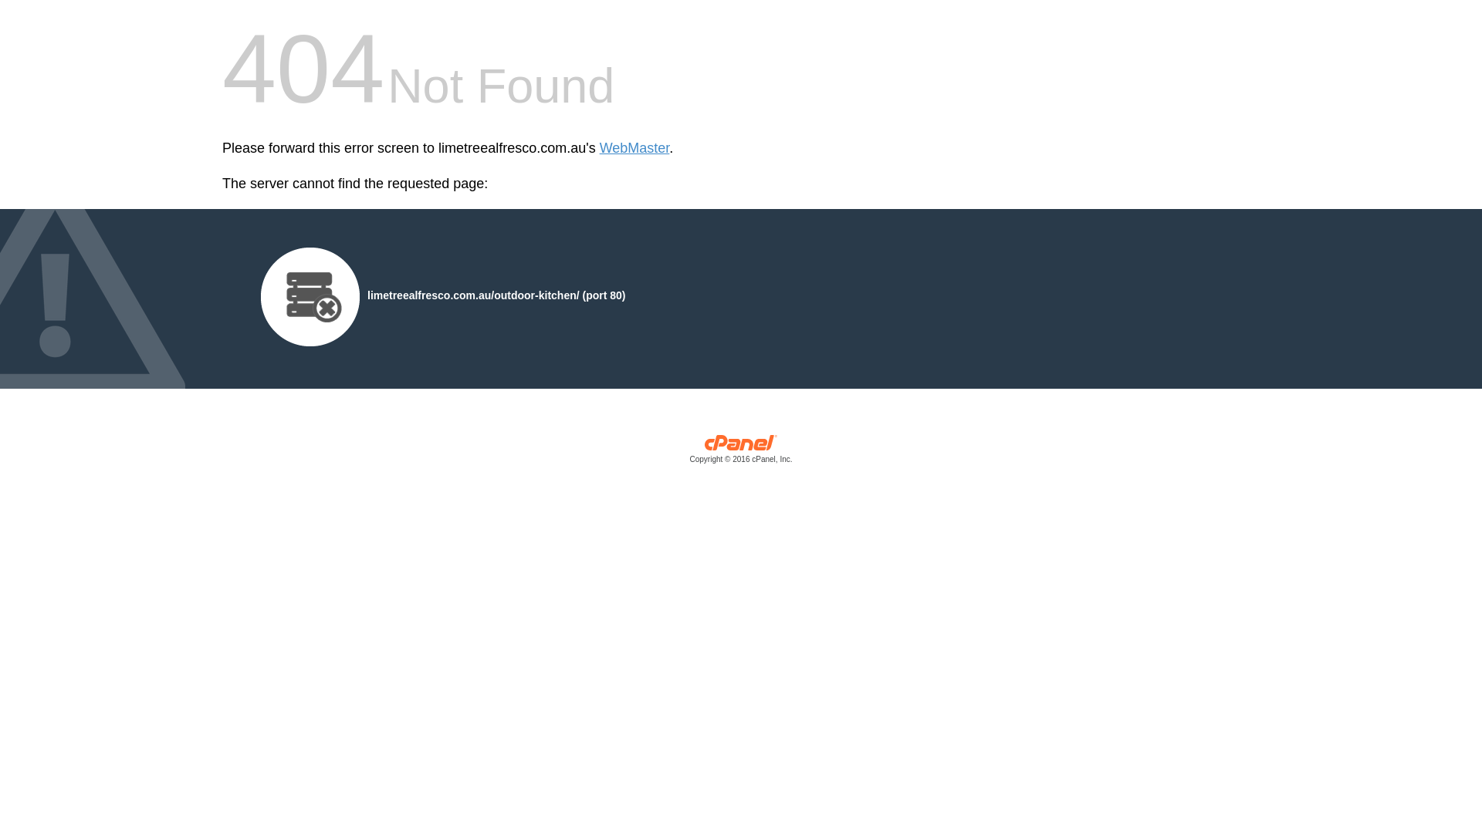 This screenshot has height=833, width=1482. Describe the element at coordinates (599, 148) in the screenshot. I see `'WebMaster'` at that location.